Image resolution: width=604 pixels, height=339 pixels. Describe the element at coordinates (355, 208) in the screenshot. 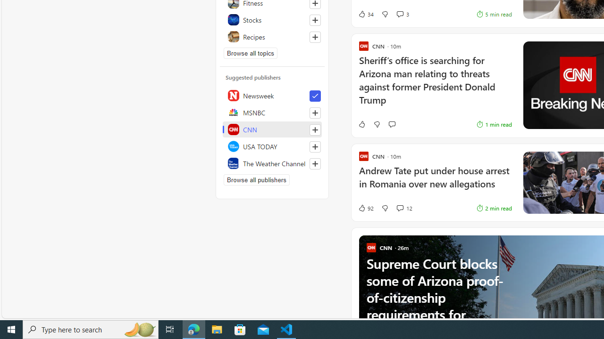

I see `'92 Like'` at that location.